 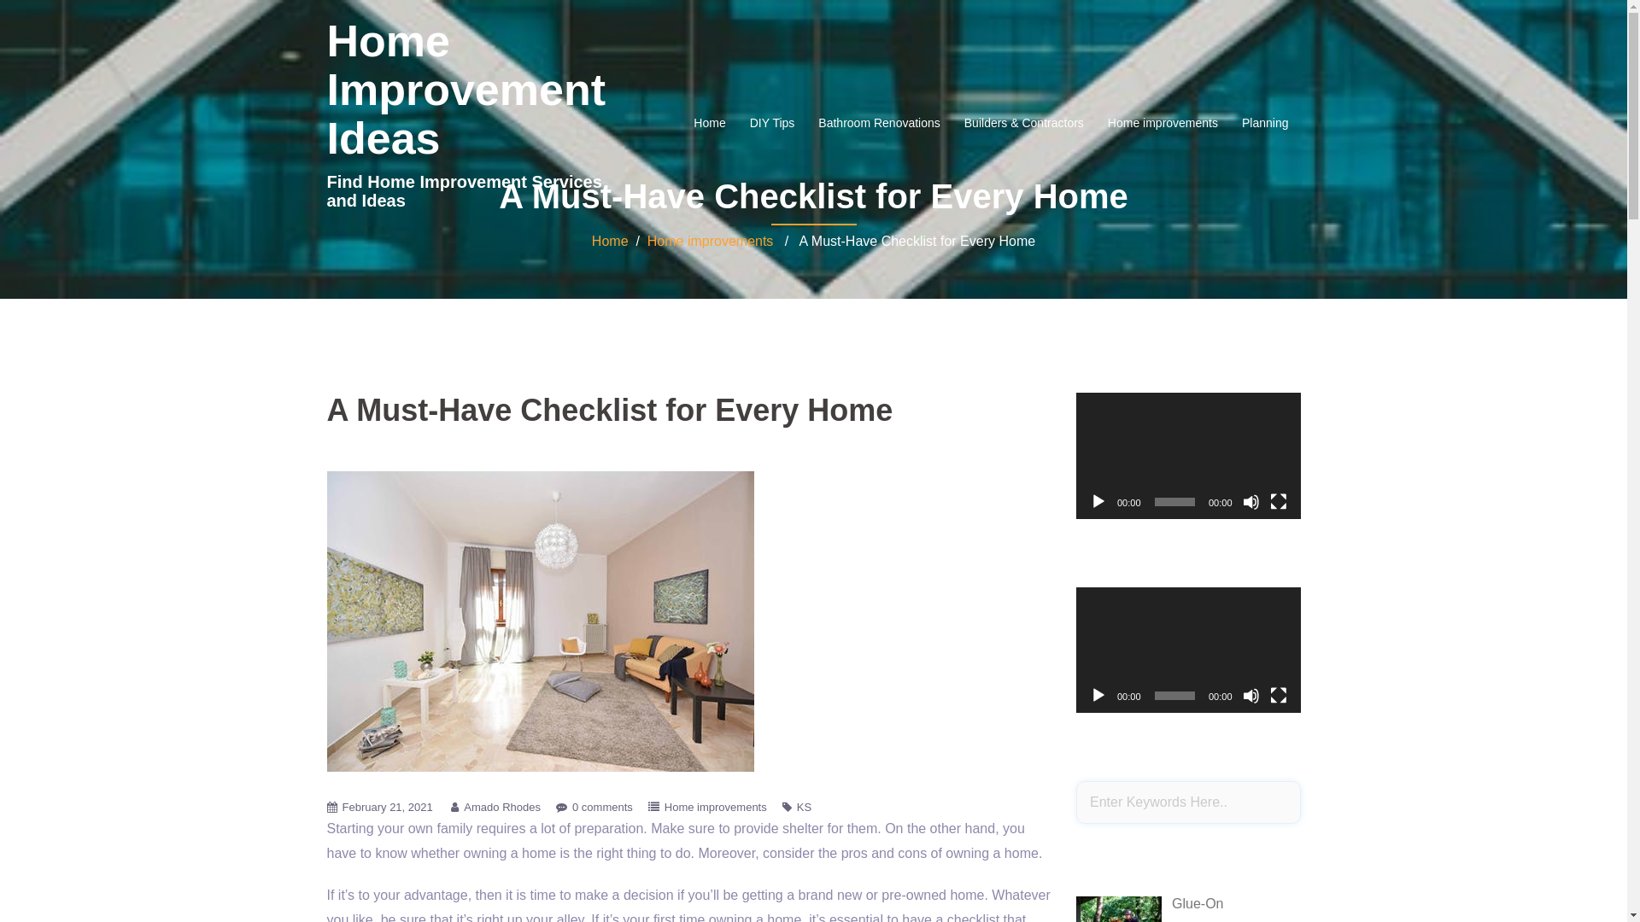 What do you see at coordinates (501, 807) in the screenshot?
I see `'Amado Rhodes'` at bounding box center [501, 807].